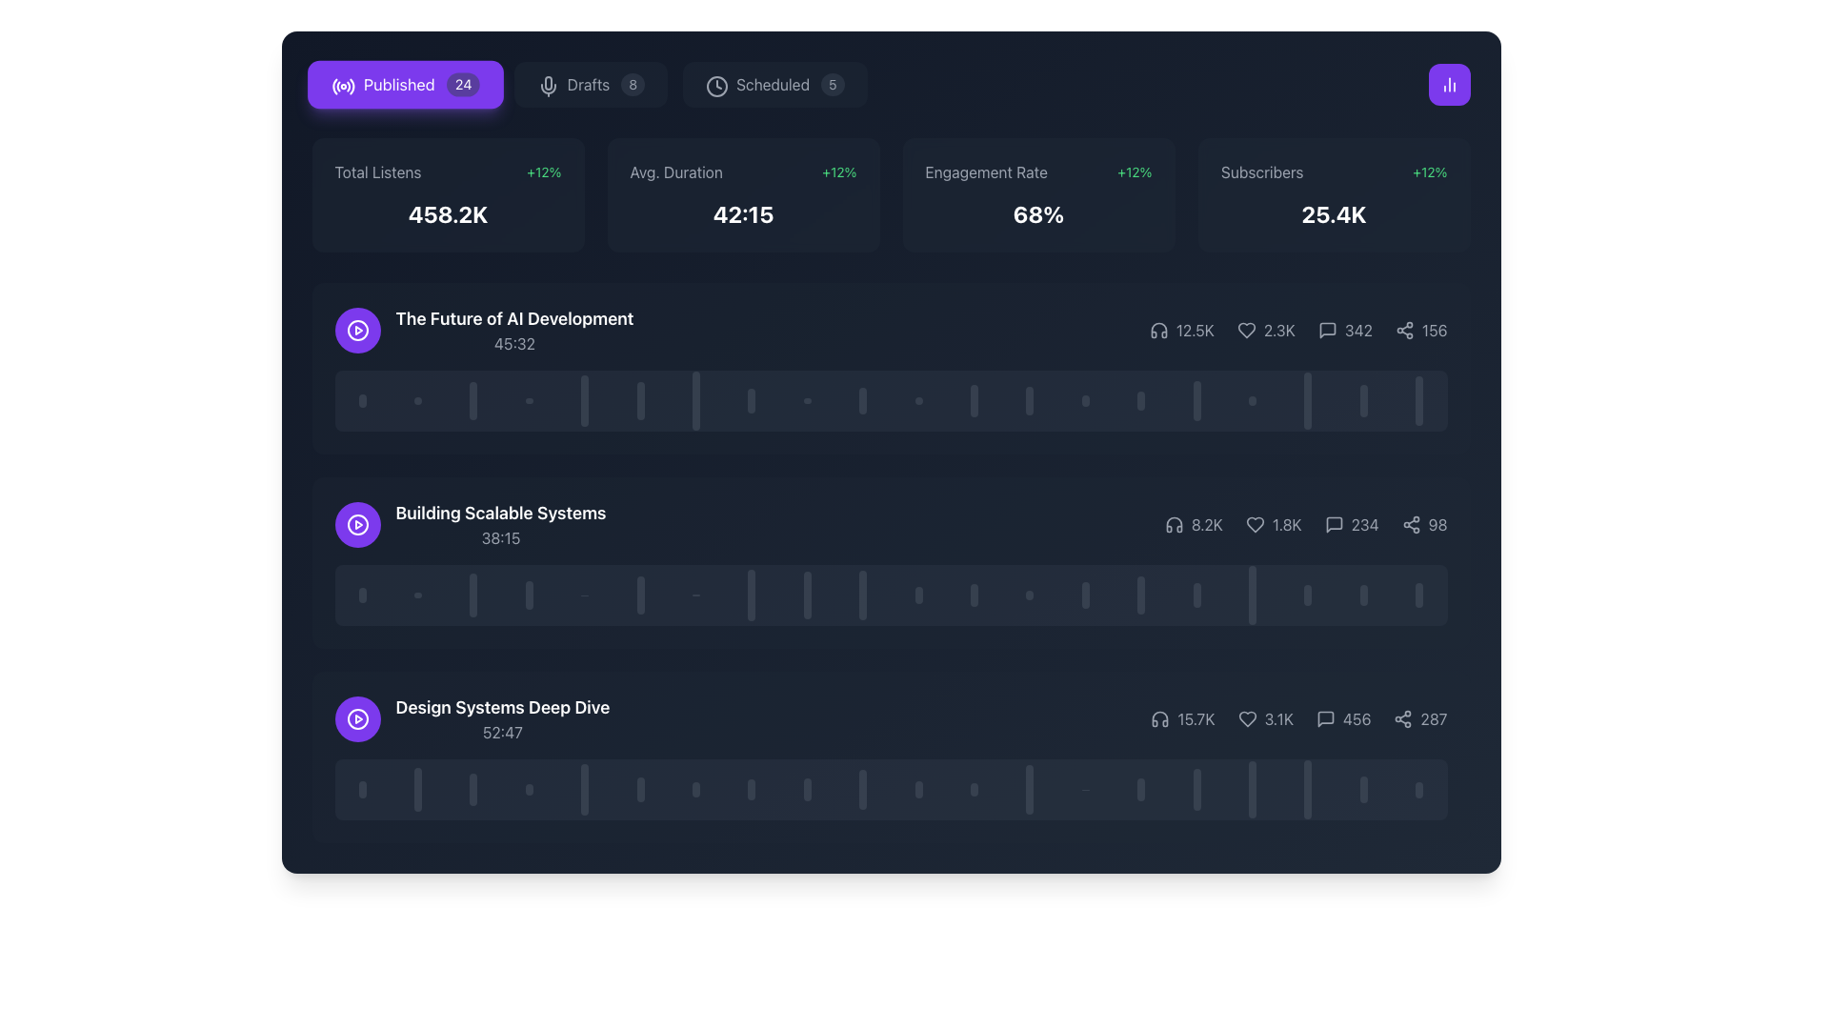 This screenshot has width=1829, height=1029. I want to click on the static text element that displays the number of shares for the second card in a vertically stacked list, located to the right of a speech bubble icon, so click(1424, 525).